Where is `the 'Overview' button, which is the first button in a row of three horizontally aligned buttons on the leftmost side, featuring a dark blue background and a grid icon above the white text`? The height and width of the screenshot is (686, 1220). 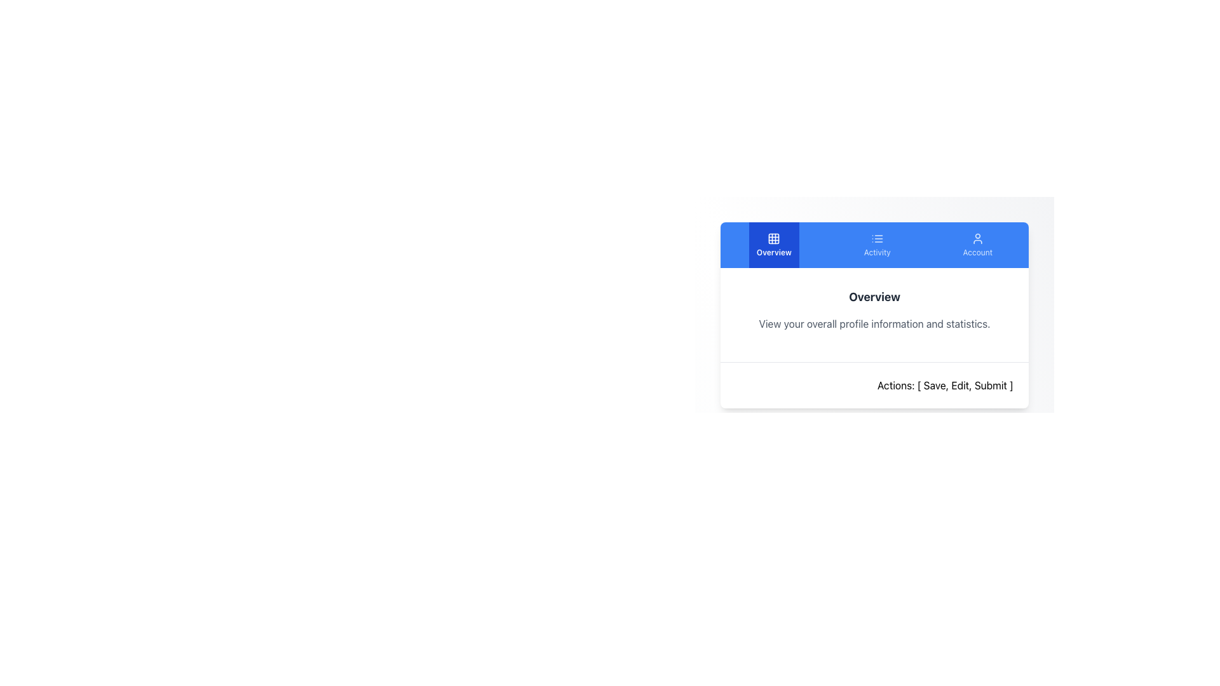
the 'Overview' button, which is the first button in a row of three horizontally aligned buttons on the leftmost side, featuring a dark blue background and a grid icon above the white text is located at coordinates (773, 245).